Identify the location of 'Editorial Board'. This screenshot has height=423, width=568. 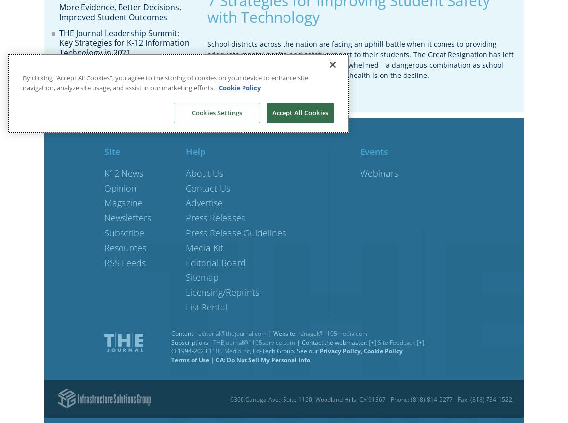
(216, 261).